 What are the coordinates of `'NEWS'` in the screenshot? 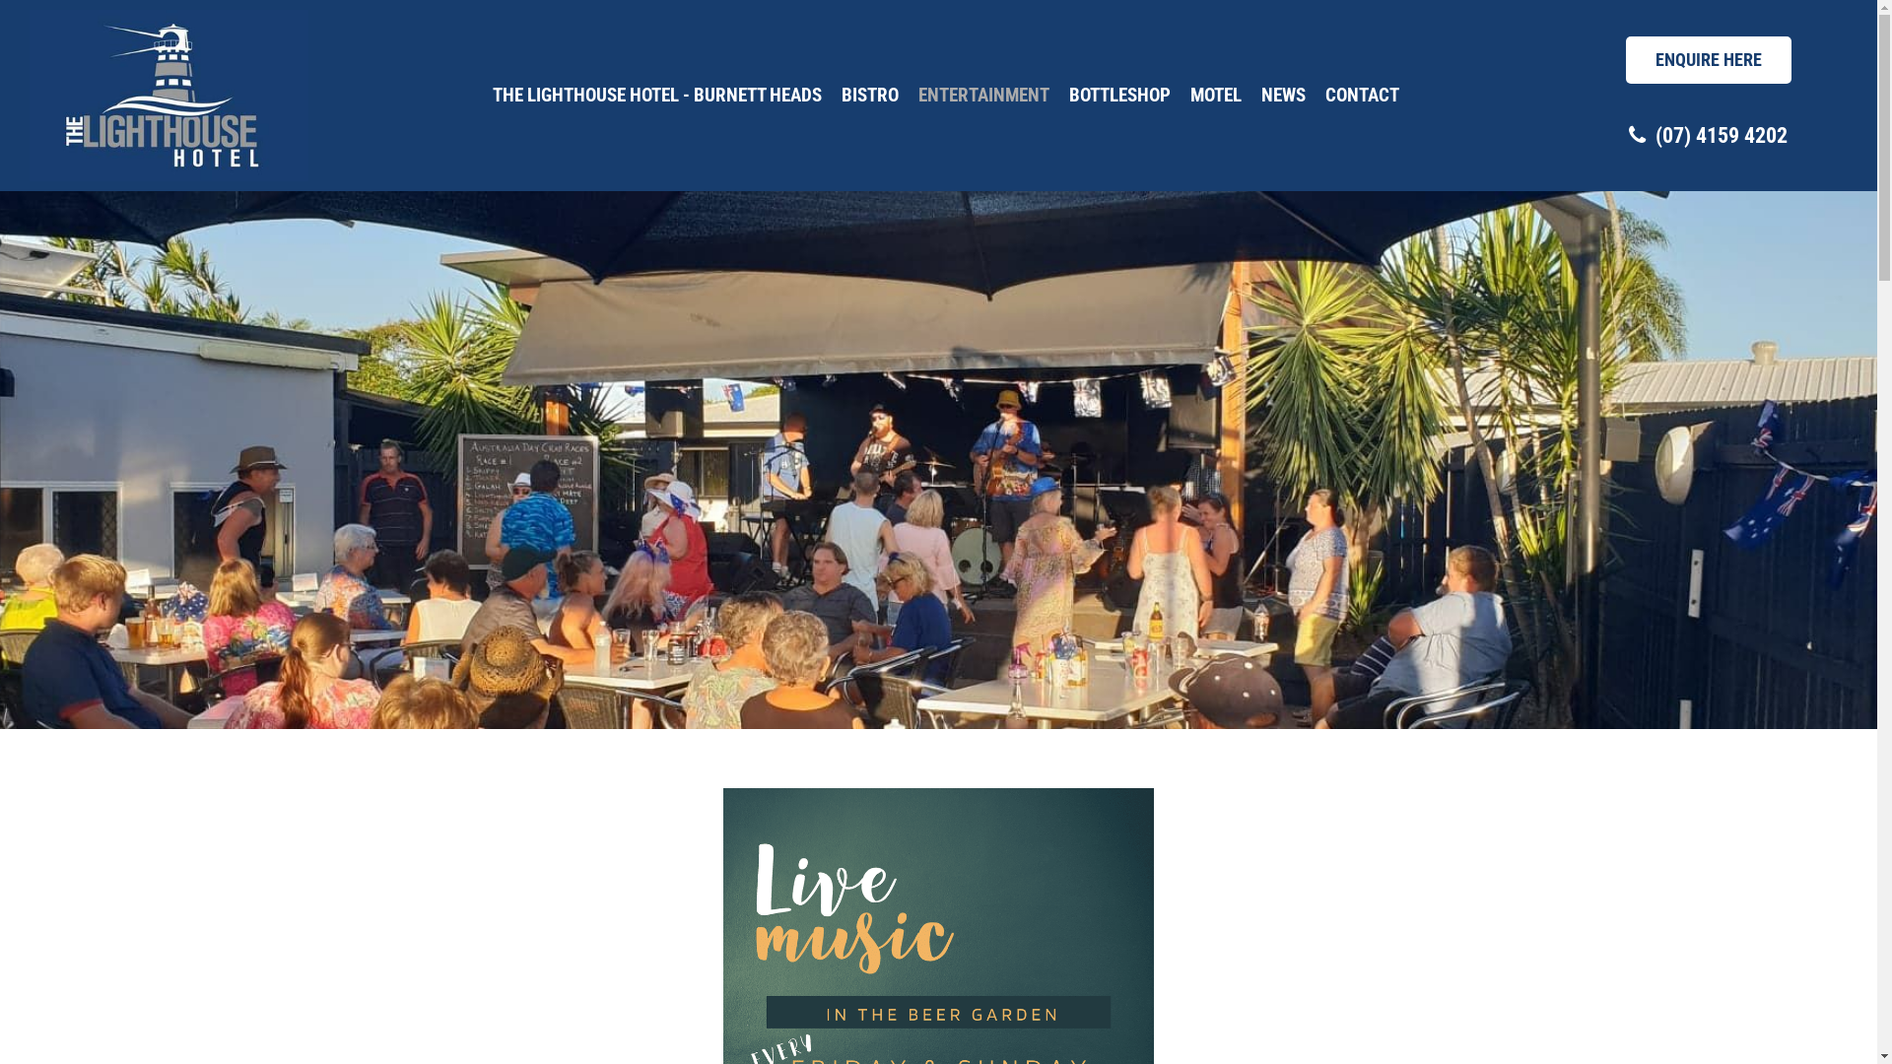 It's located at (1283, 95).